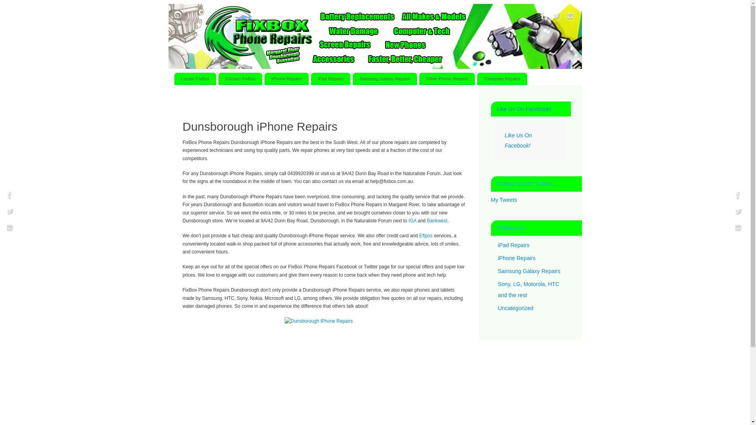  What do you see at coordinates (385, 79) in the screenshot?
I see `'Samsung Galaxy Repairs'` at bounding box center [385, 79].